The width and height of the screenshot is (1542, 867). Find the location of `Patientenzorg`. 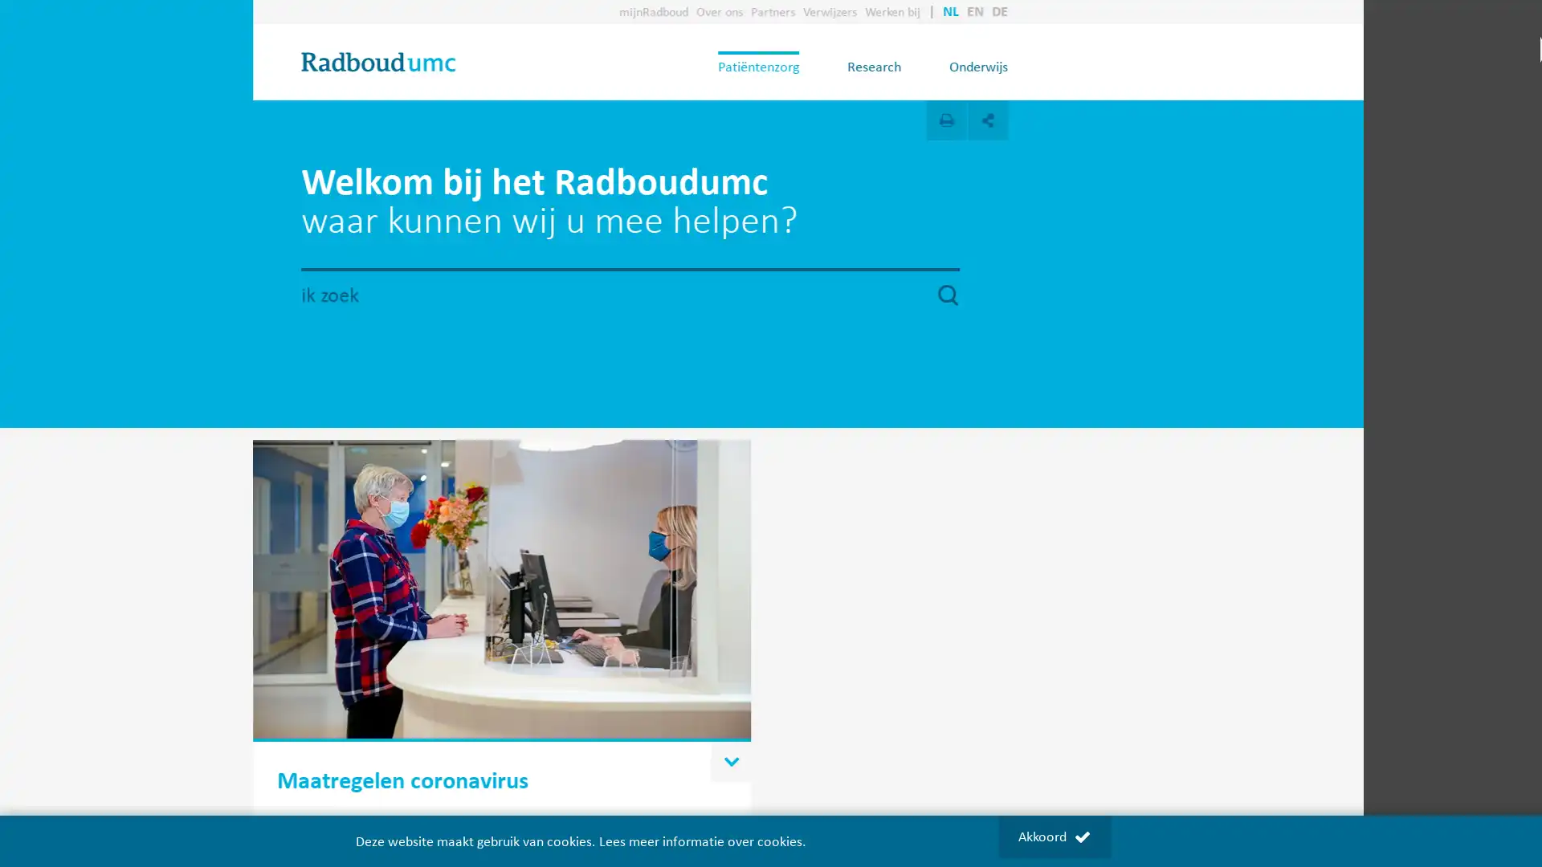

Patientenzorg is located at coordinates (860, 66).